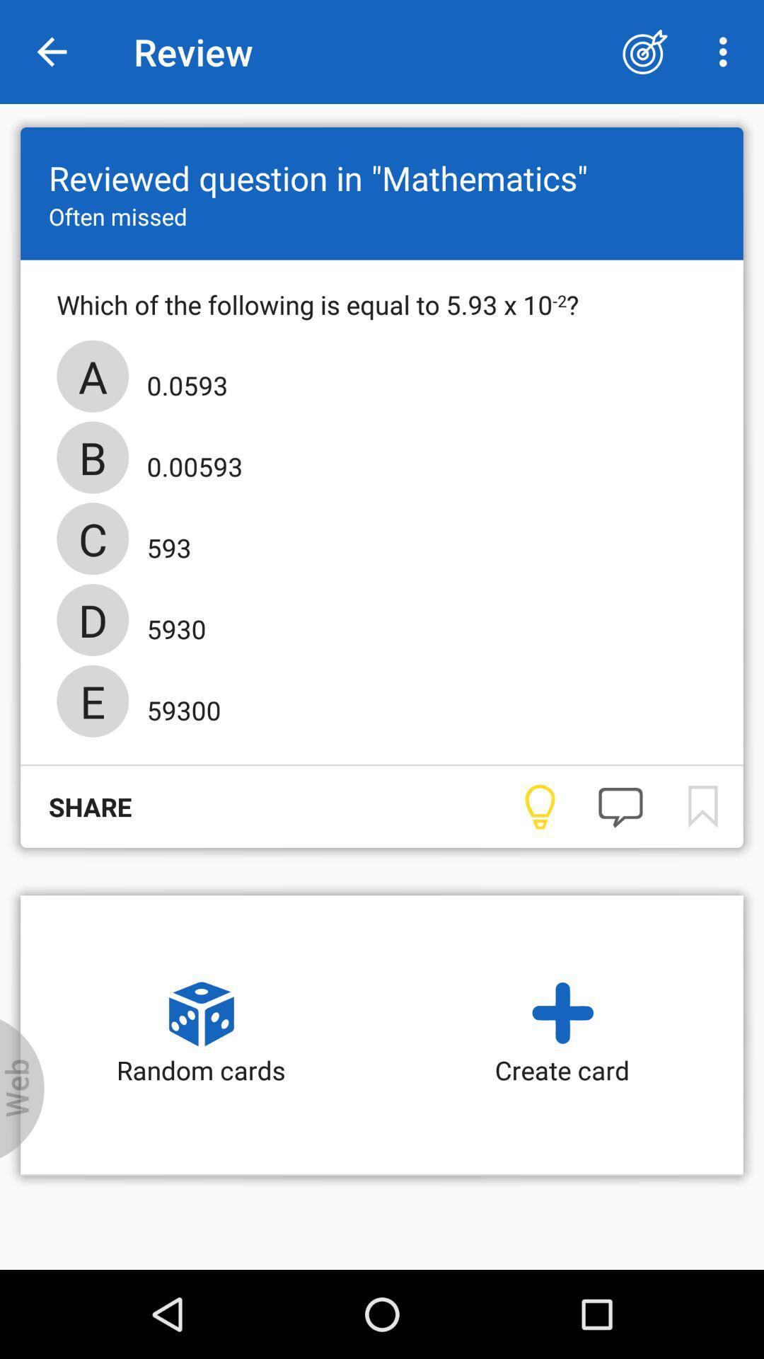 Image resolution: width=764 pixels, height=1359 pixels. I want to click on comment, so click(620, 807).